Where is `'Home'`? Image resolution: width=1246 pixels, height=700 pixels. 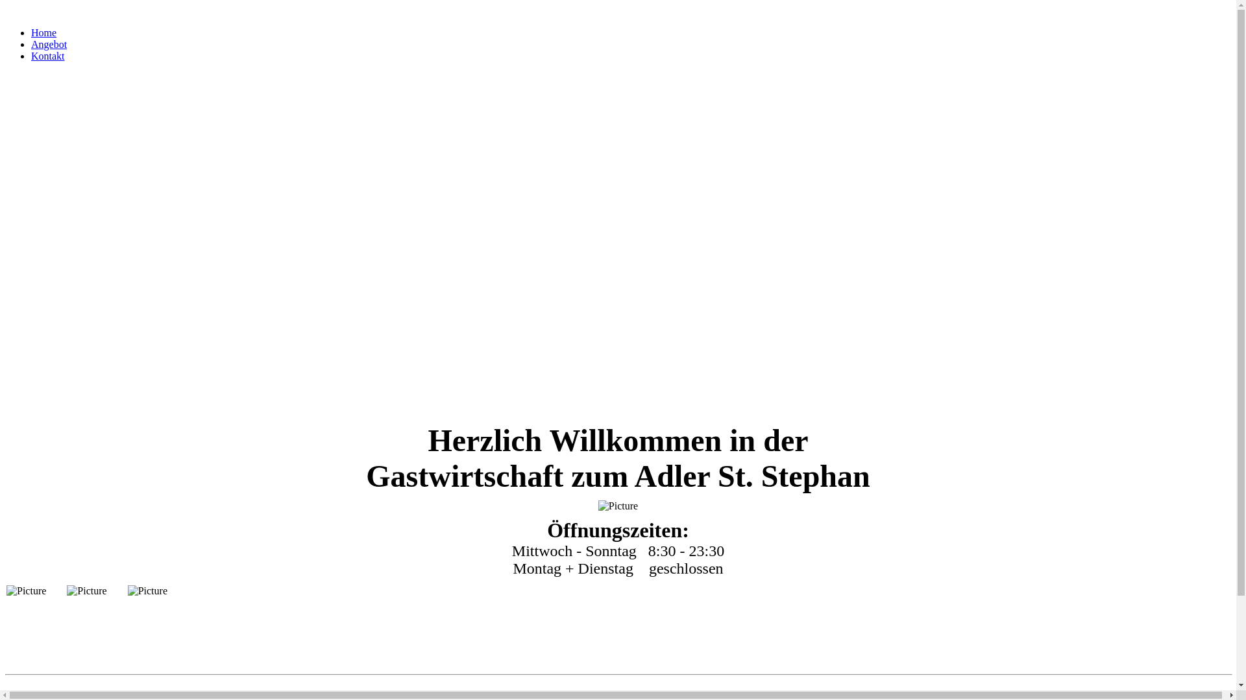
'Home' is located at coordinates (43, 32).